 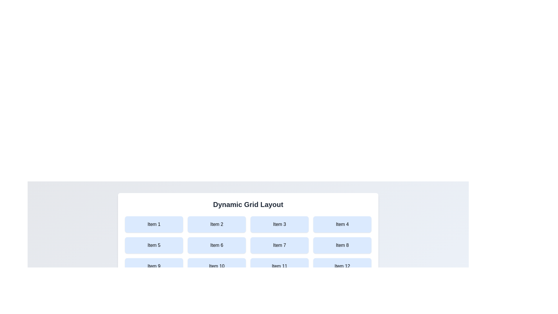 What do you see at coordinates (154, 245) in the screenshot?
I see `the blue button labeled 'Item 5'` at bounding box center [154, 245].